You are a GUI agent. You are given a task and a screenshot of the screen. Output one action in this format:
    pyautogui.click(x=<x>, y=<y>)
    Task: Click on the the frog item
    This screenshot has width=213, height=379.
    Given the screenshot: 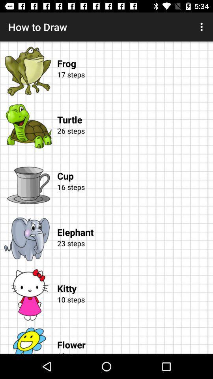 What is the action you would take?
    pyautogui.click(x=135, y=55)
    